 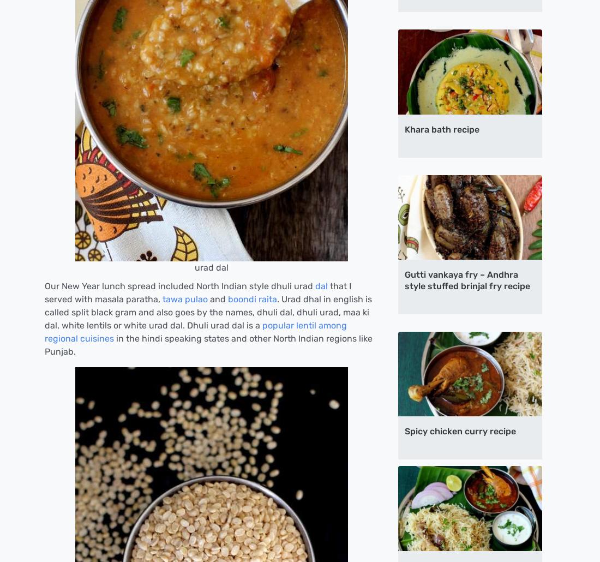 I want to click on 'boondi raita', so click(x=251, y=298).